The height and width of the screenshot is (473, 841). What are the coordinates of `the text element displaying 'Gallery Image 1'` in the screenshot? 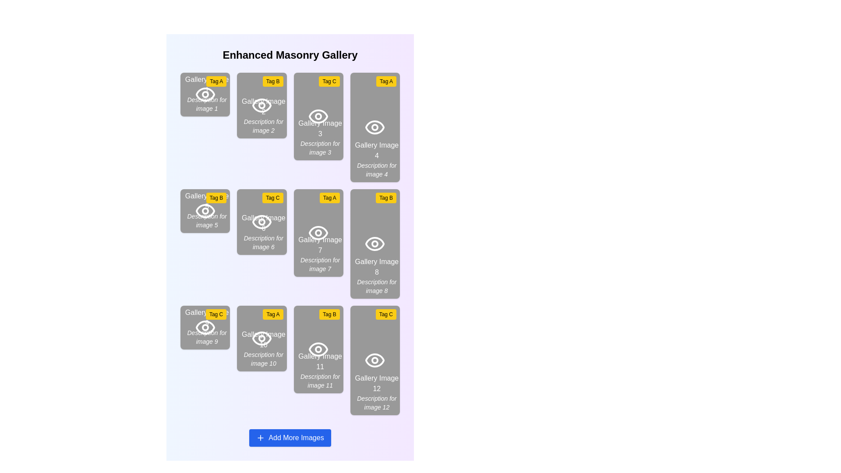 It's located at (206, 93).